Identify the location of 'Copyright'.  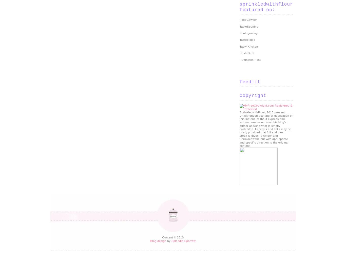
(239, 95).